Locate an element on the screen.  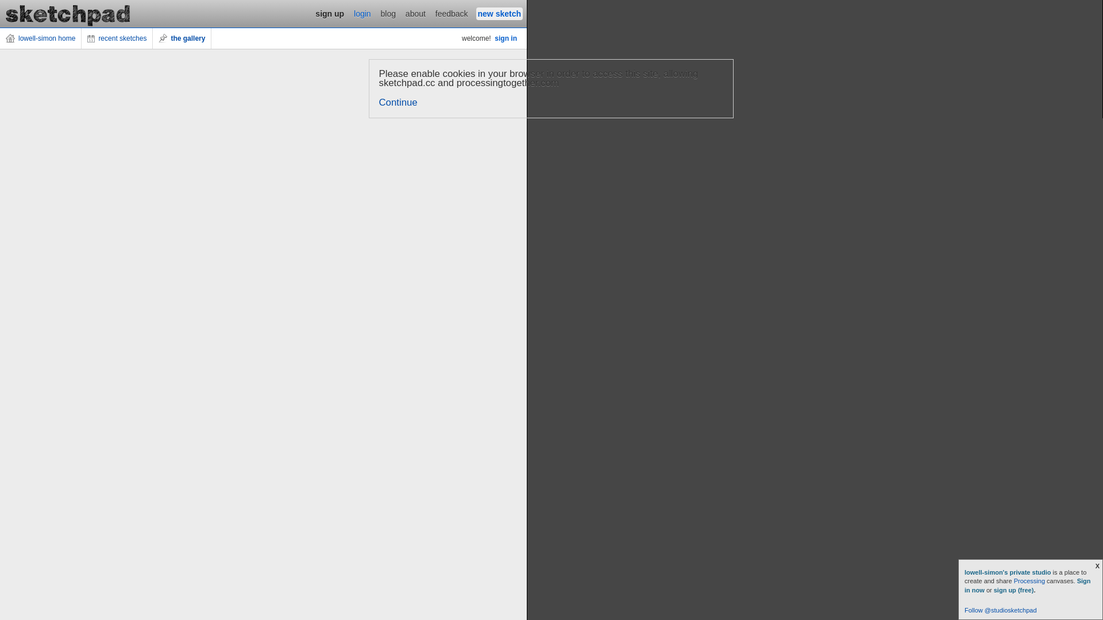
'sign in' is located at coordinates (506, 37).